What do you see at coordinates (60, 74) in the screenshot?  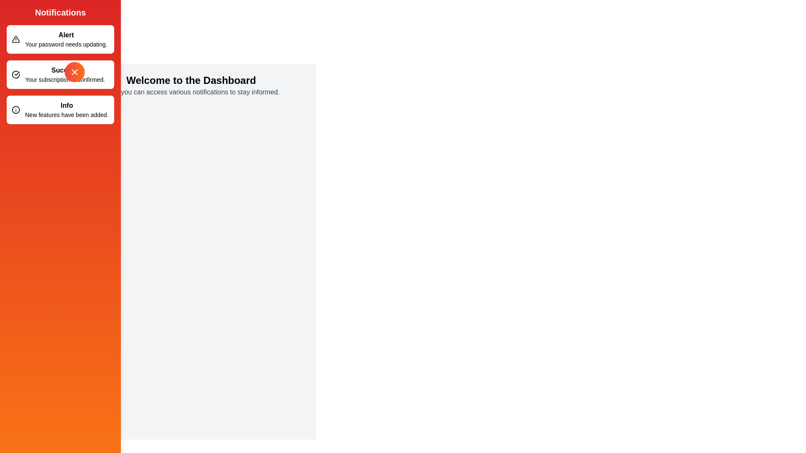 I see `the notification Success` at bounding box center [60, 74].